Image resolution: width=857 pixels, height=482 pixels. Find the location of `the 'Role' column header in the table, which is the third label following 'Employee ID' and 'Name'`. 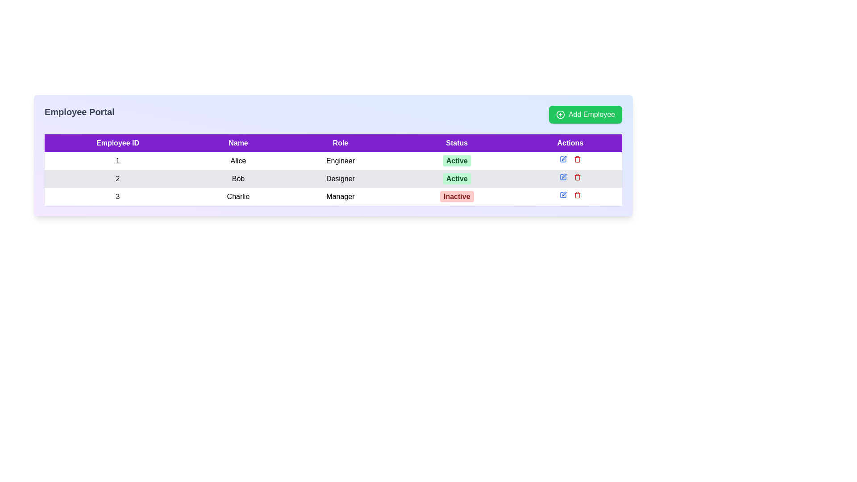

the 'Role' column header in the table, which is the third label following 'Employee ID' and 'Name' is located at coordinates (340, 142).